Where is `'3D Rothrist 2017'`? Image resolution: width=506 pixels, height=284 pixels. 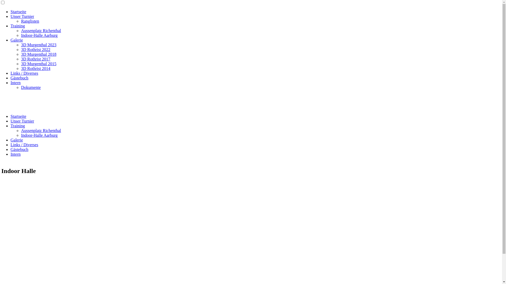 '3D Rothrist 2017' is located at coordinates (35, 59).